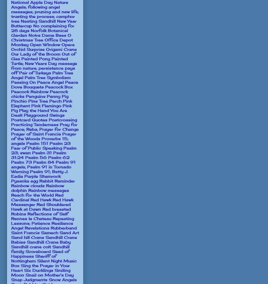 This screenshot has height=284, width=268. I want to click on 'Psalm 23; swan', so click(43, 150).